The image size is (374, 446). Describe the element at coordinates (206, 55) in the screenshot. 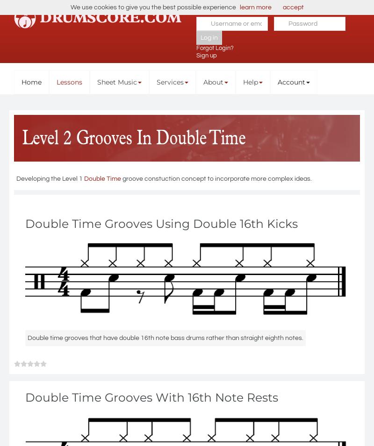

I see `'Sign up'` at that location.